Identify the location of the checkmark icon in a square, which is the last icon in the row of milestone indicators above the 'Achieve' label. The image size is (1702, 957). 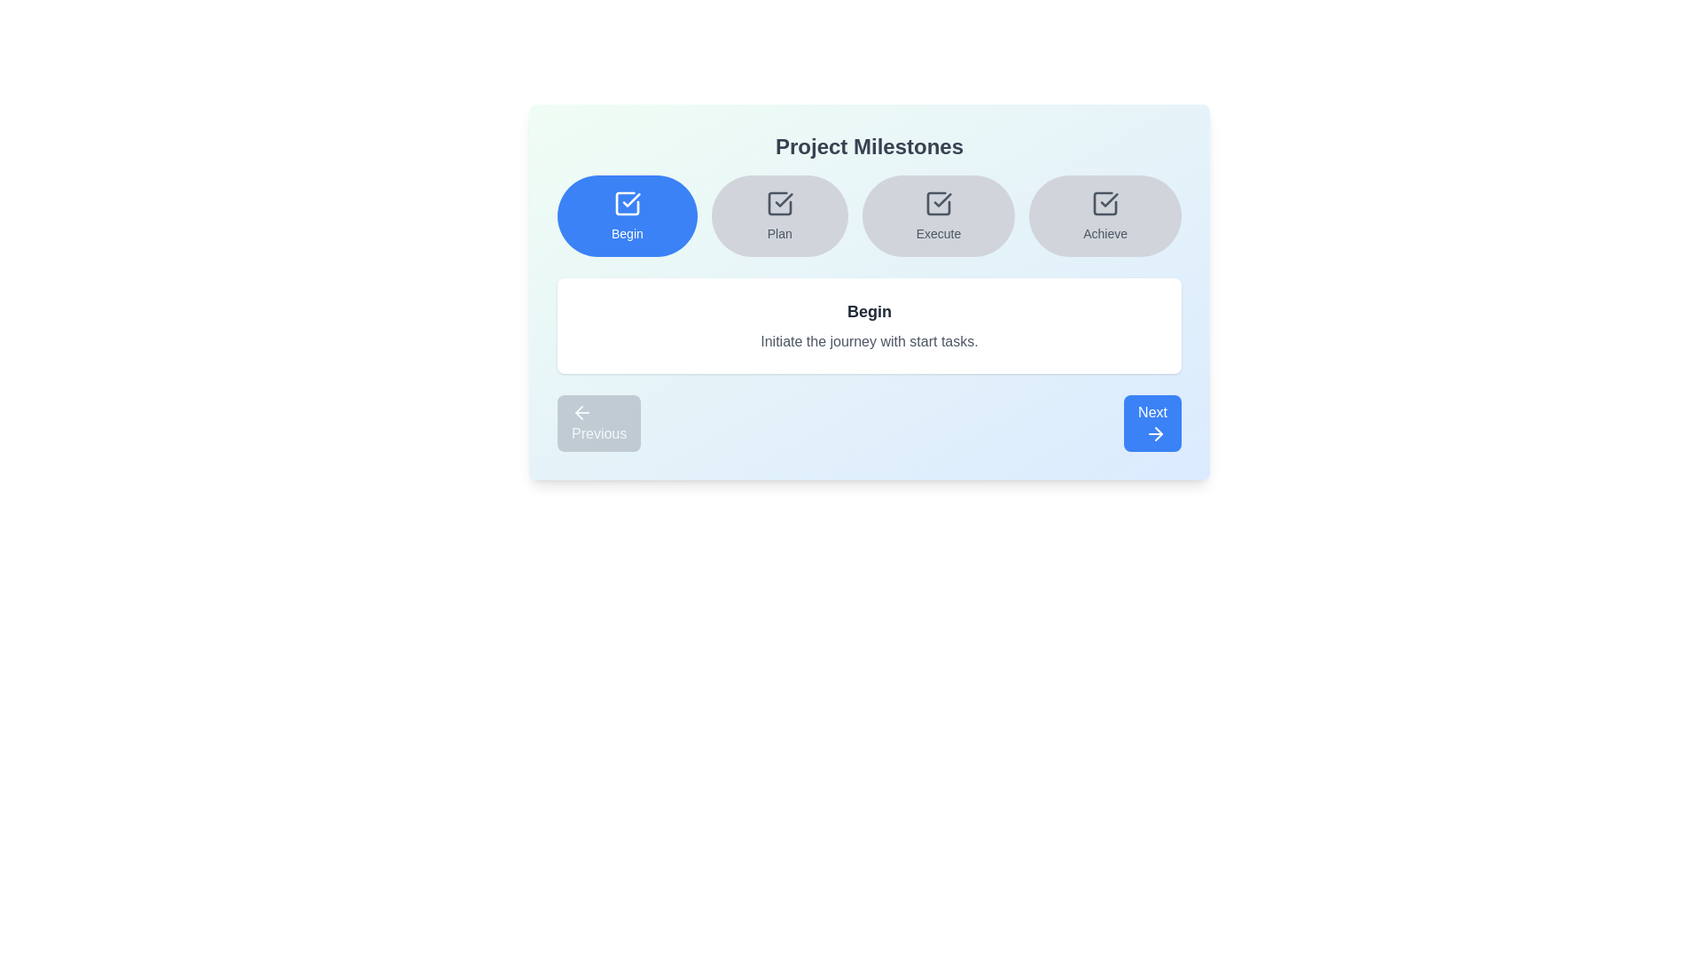
(1105, 203).